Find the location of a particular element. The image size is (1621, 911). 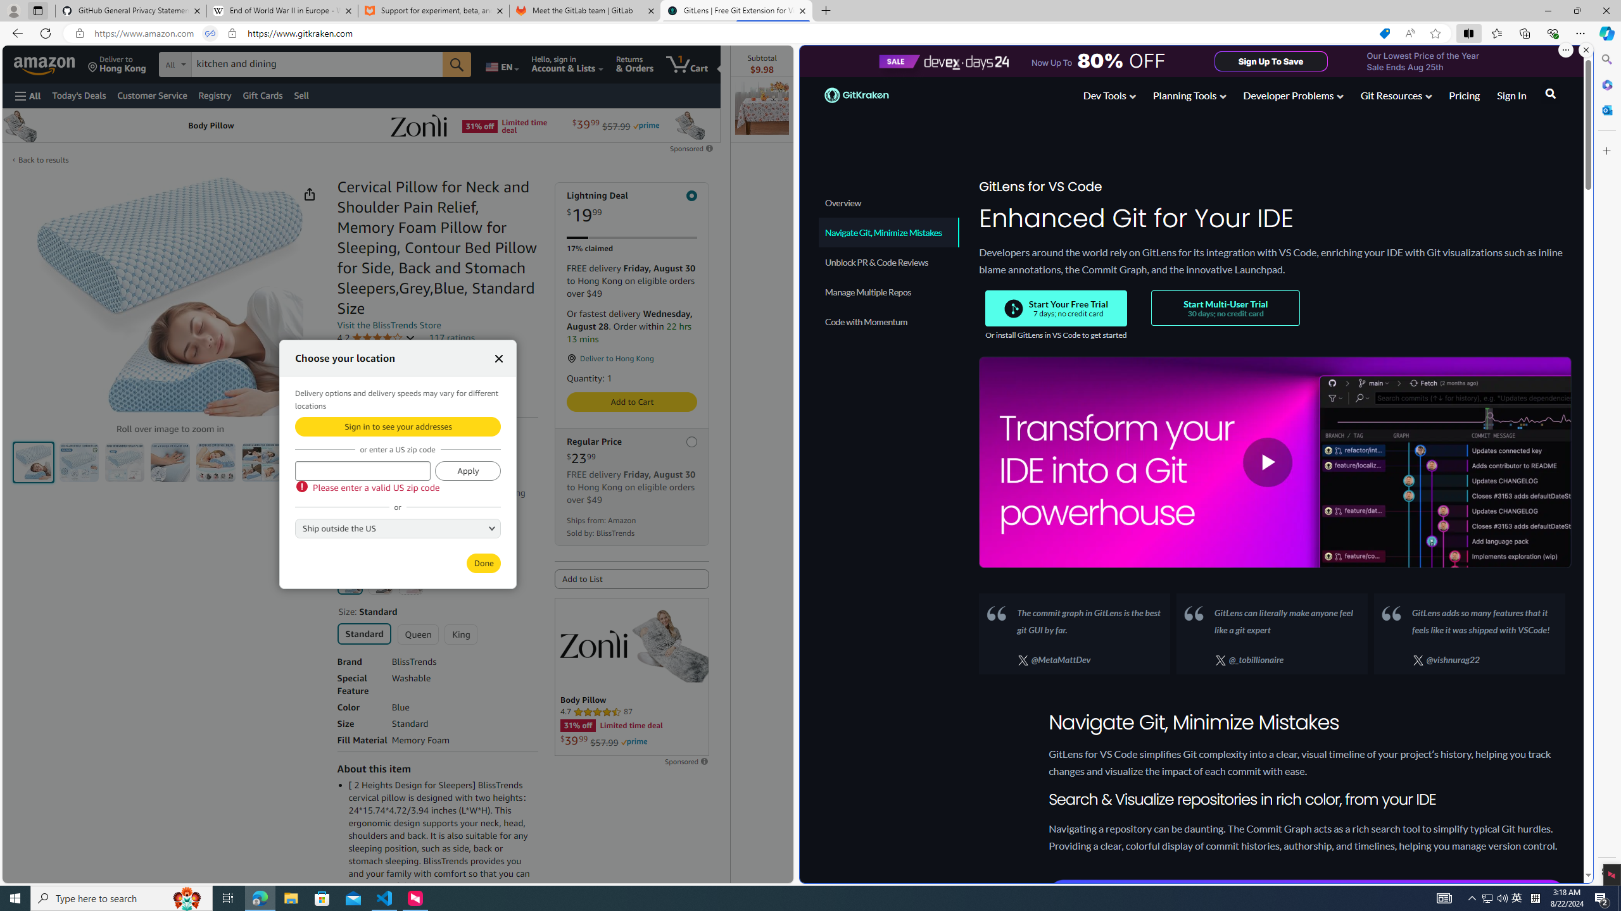

'Or install GitLens in VS Code to get started' is located at coordinates (1056, 334).